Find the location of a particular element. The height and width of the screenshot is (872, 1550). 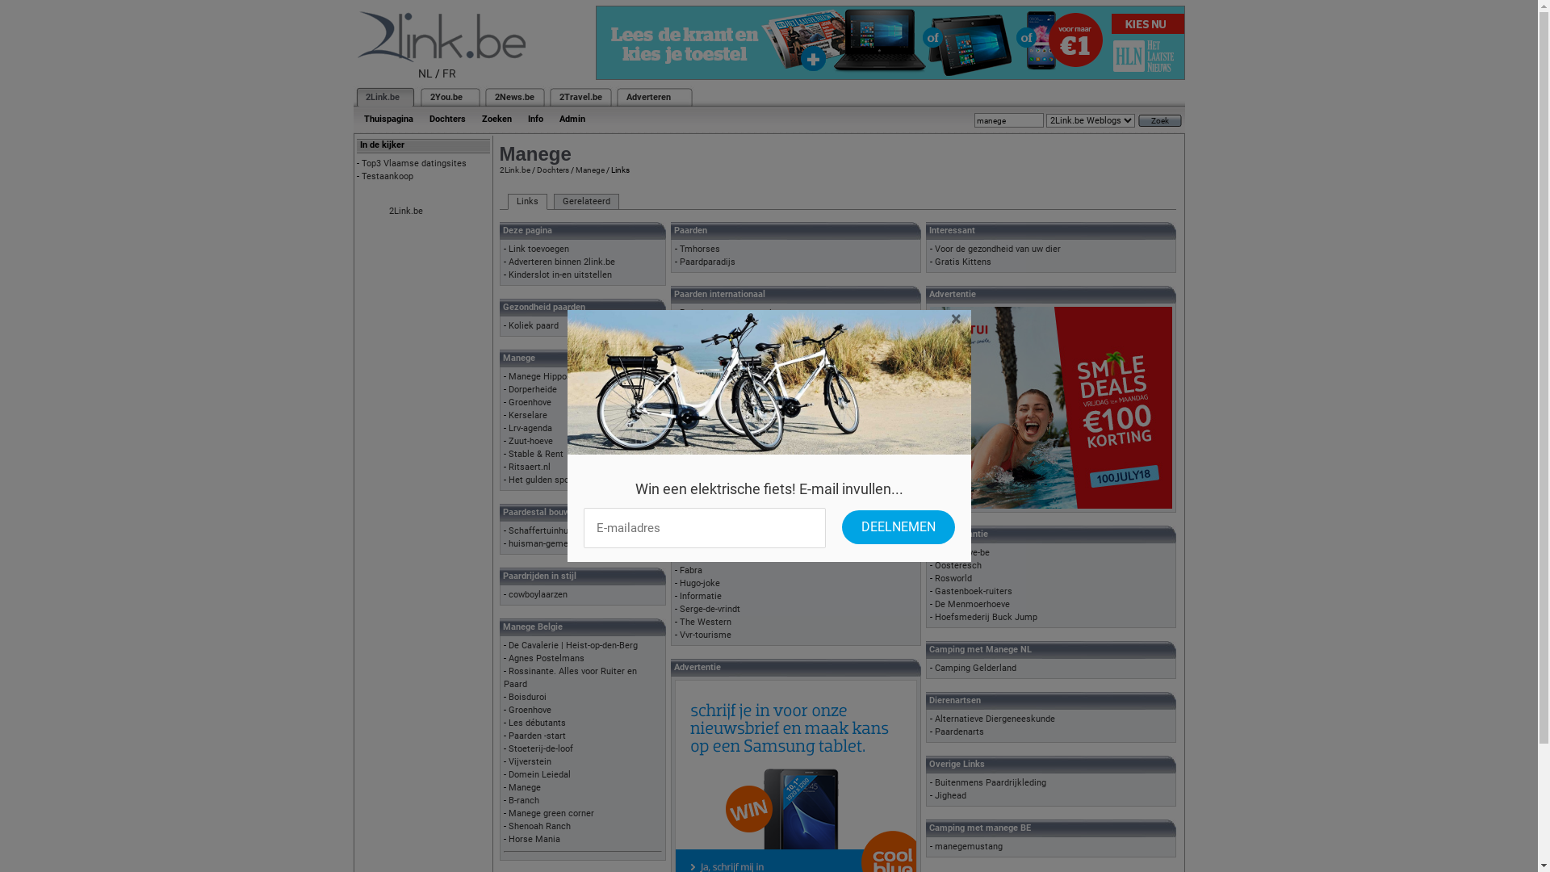

'2You.be' is located at coordinates (446, 97).